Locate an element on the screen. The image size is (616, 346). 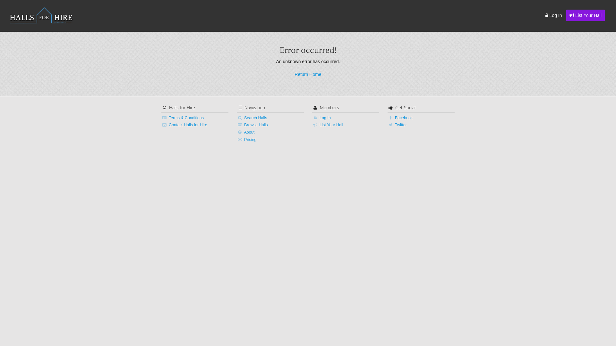
'Log In' is located at coordinates (553, 15).